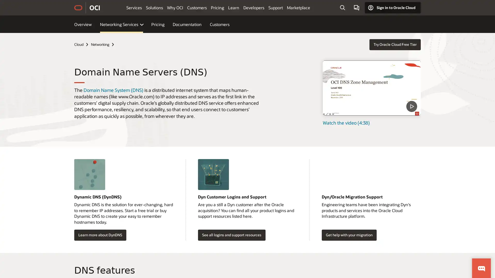 The height and width of the screenshot is (278, 495). What do you see at coordinates (175, 7) in the screenshot?
I see `Why OCI` at bounding box center [175, 7].